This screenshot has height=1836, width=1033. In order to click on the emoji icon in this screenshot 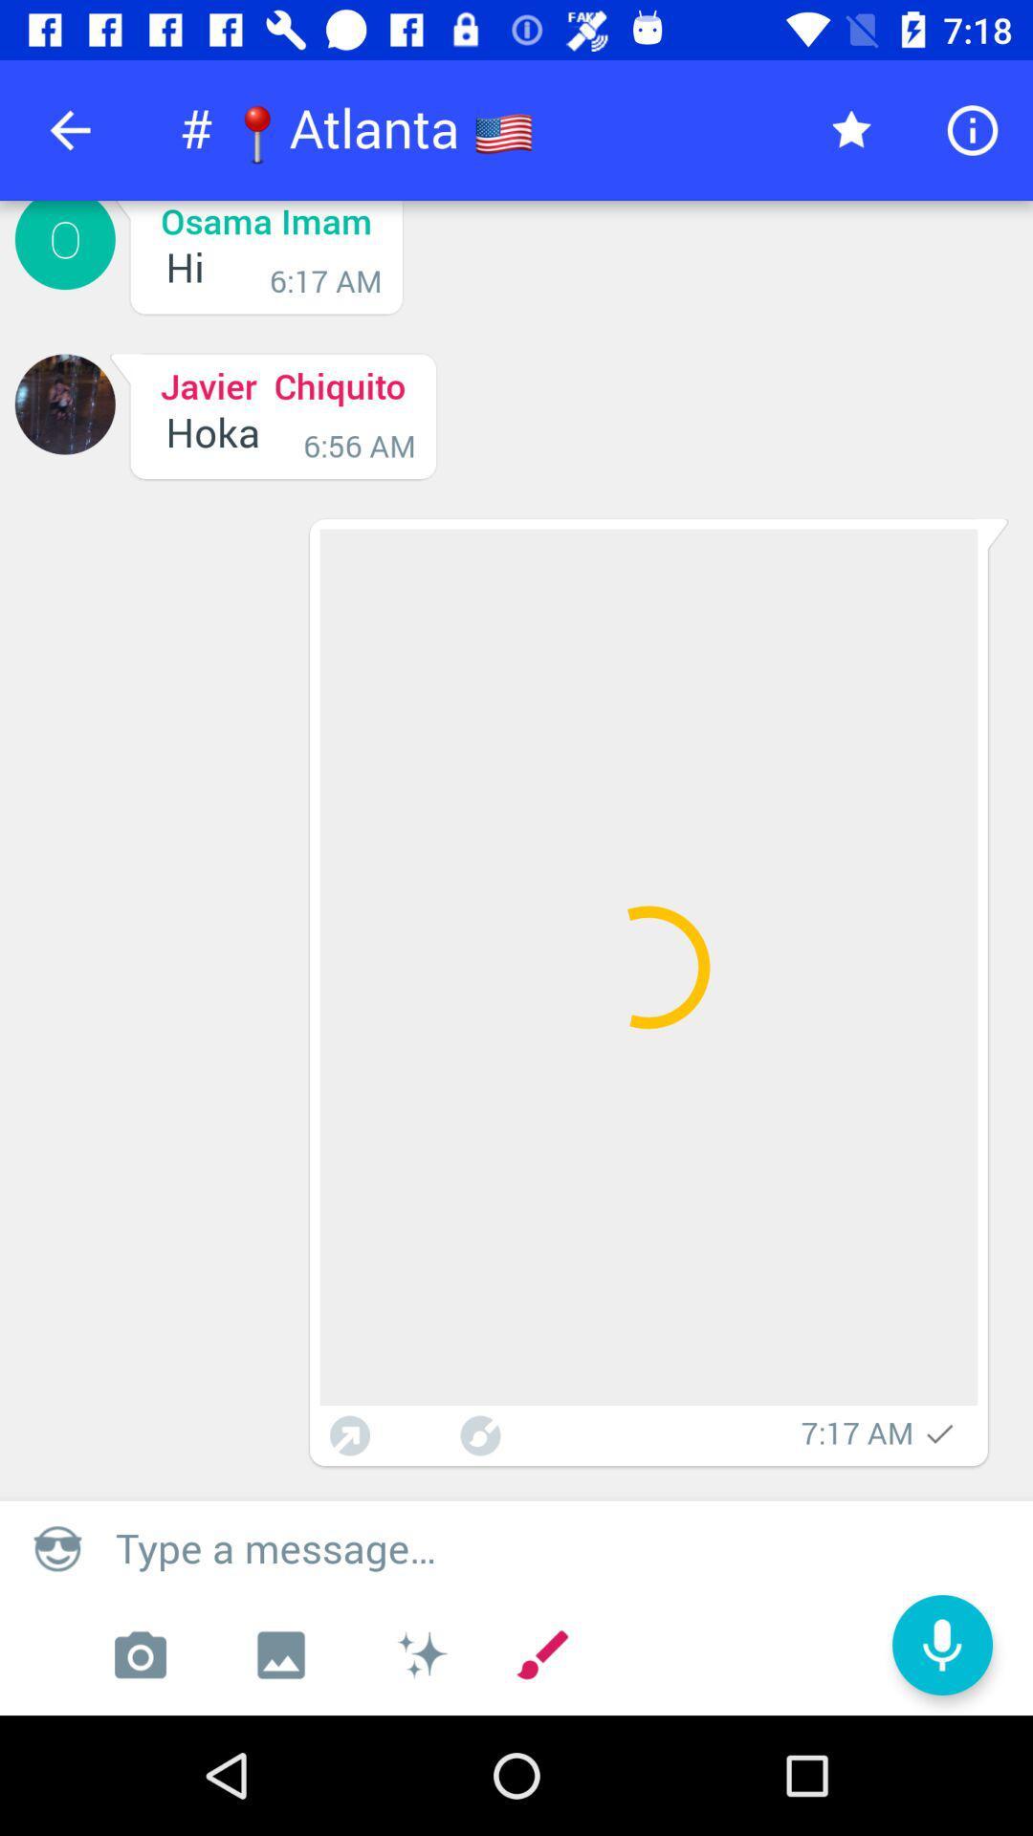, I will do `click(56, 1547)`.